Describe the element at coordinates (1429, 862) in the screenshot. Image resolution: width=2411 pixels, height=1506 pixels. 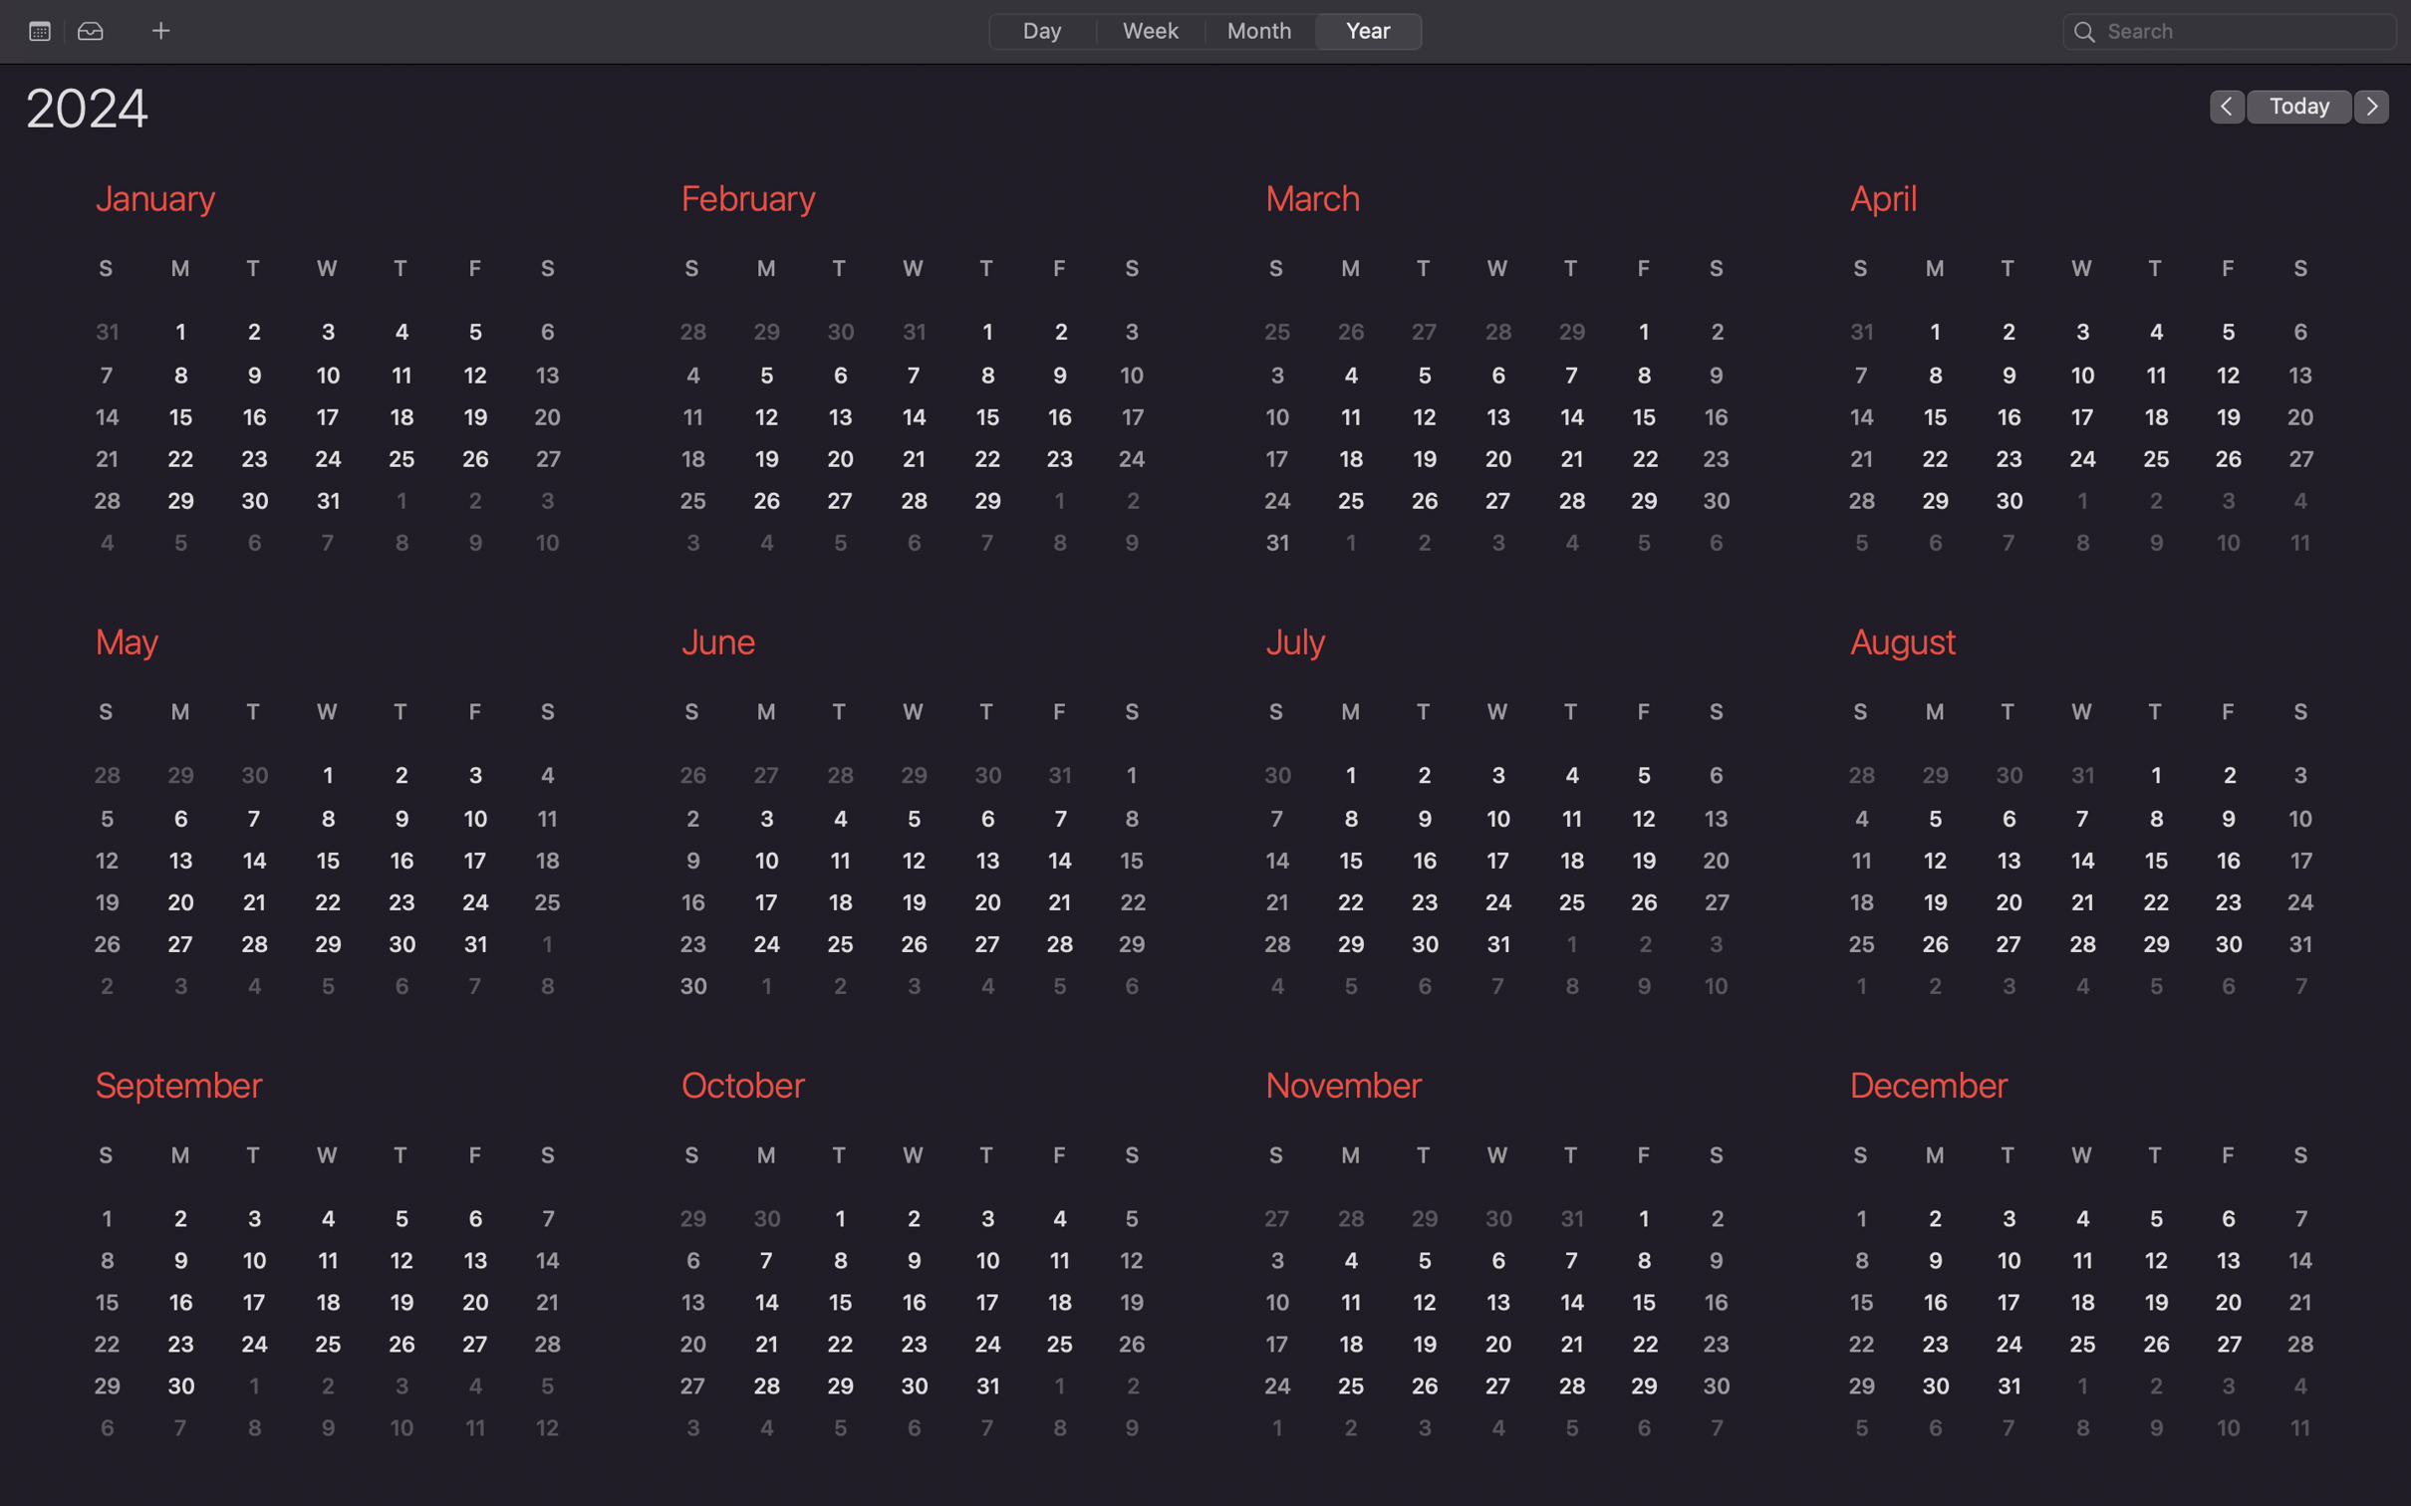
I see `and select July 16 in the calendar` at that location.